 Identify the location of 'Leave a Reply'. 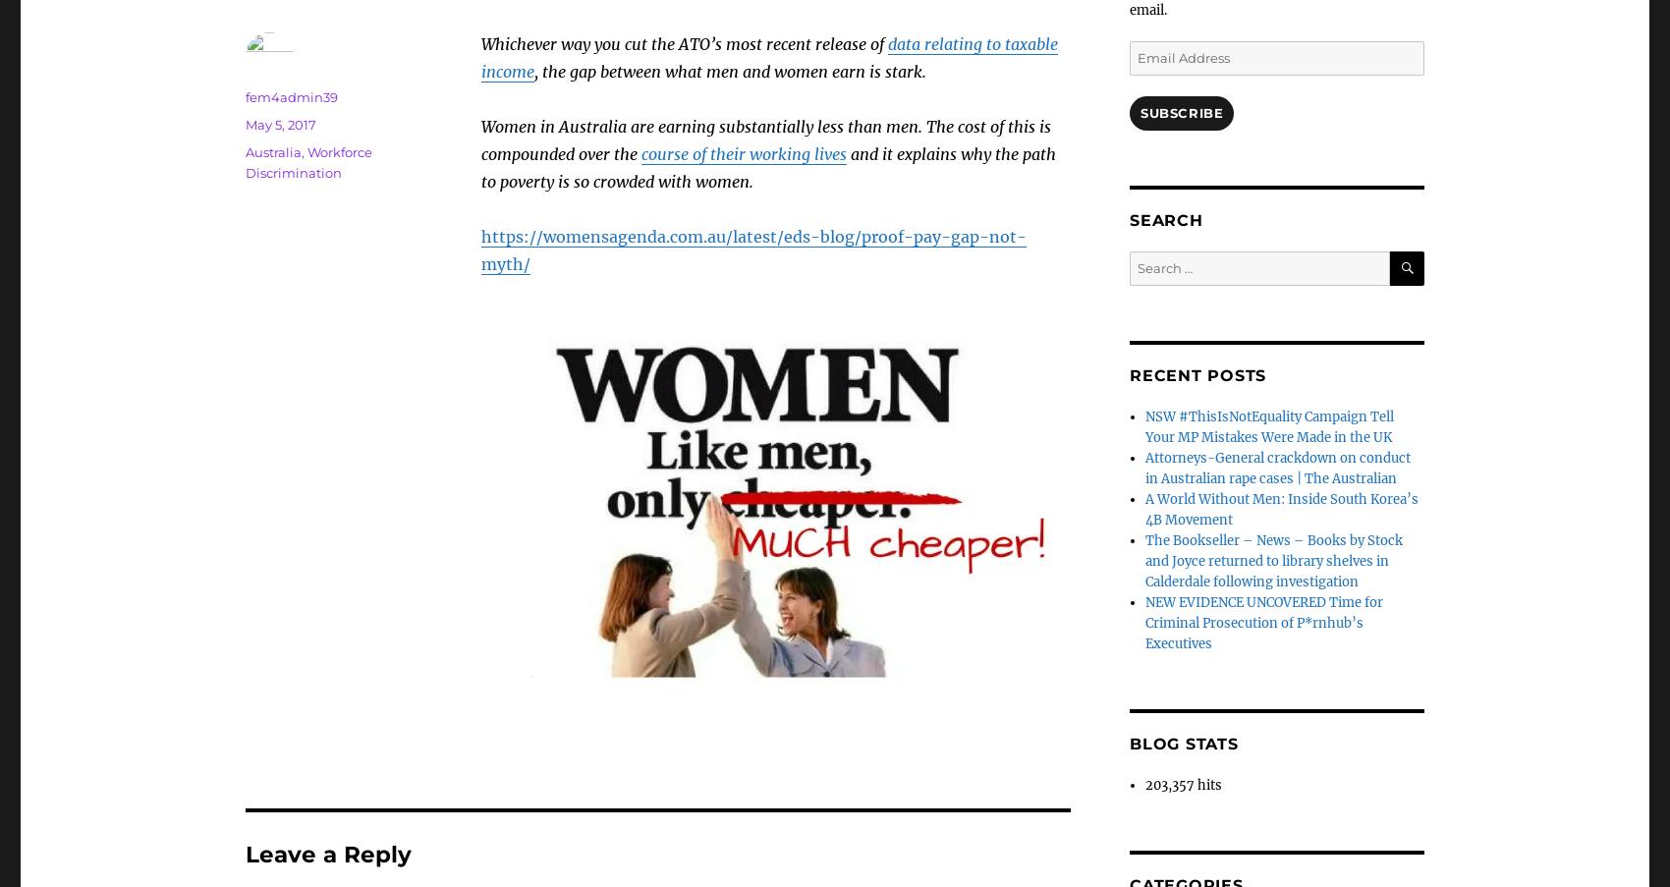
(327, 855).